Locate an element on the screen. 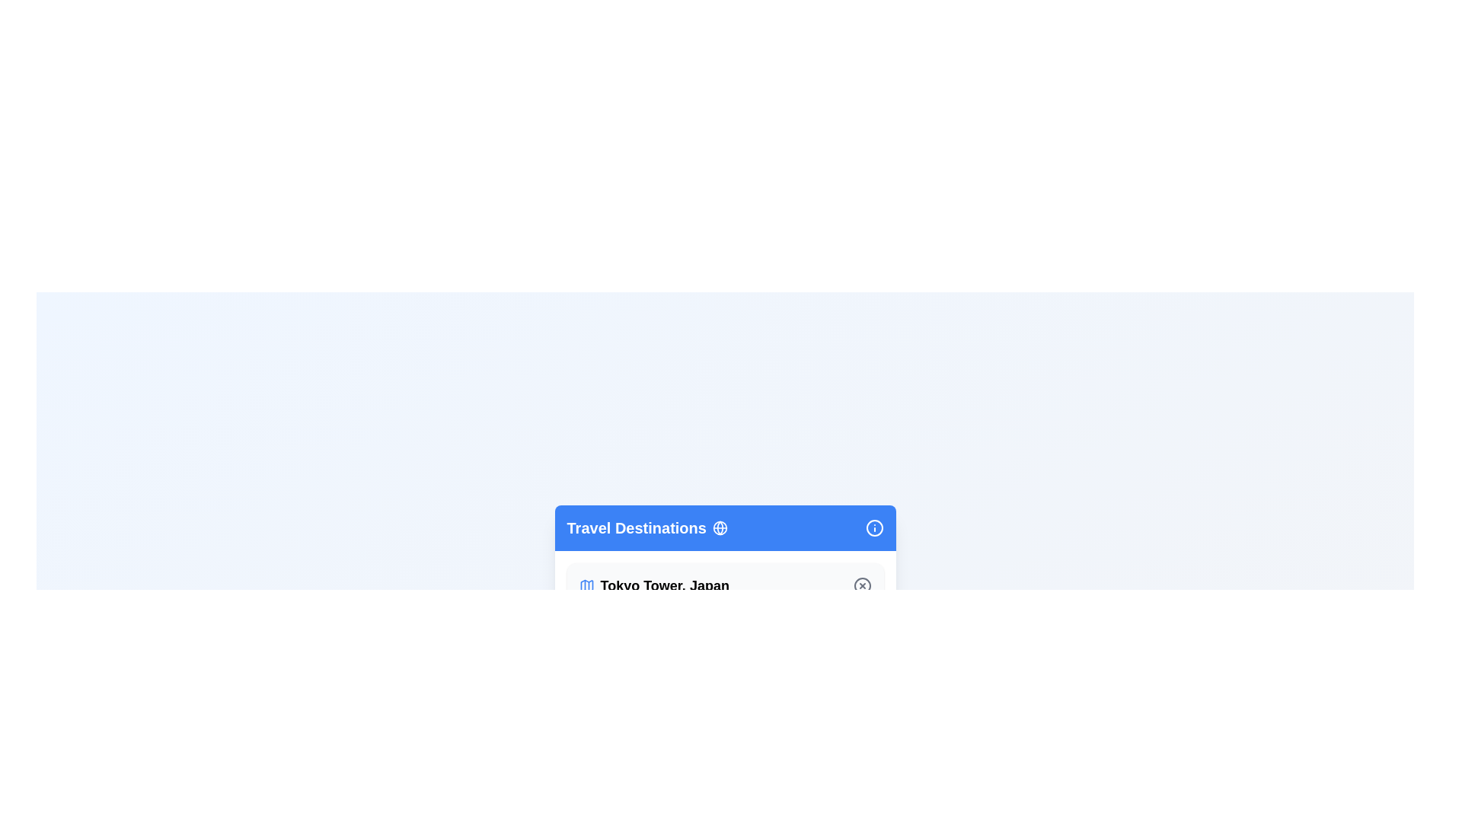 The height and width of the screenshot is (822, 1462). the SVG illustration representing global or geographical information located in the title bar of the 'Travel Destinations' section, adjacent to the title text and left of the information icon is located at coordinates (719, 527).